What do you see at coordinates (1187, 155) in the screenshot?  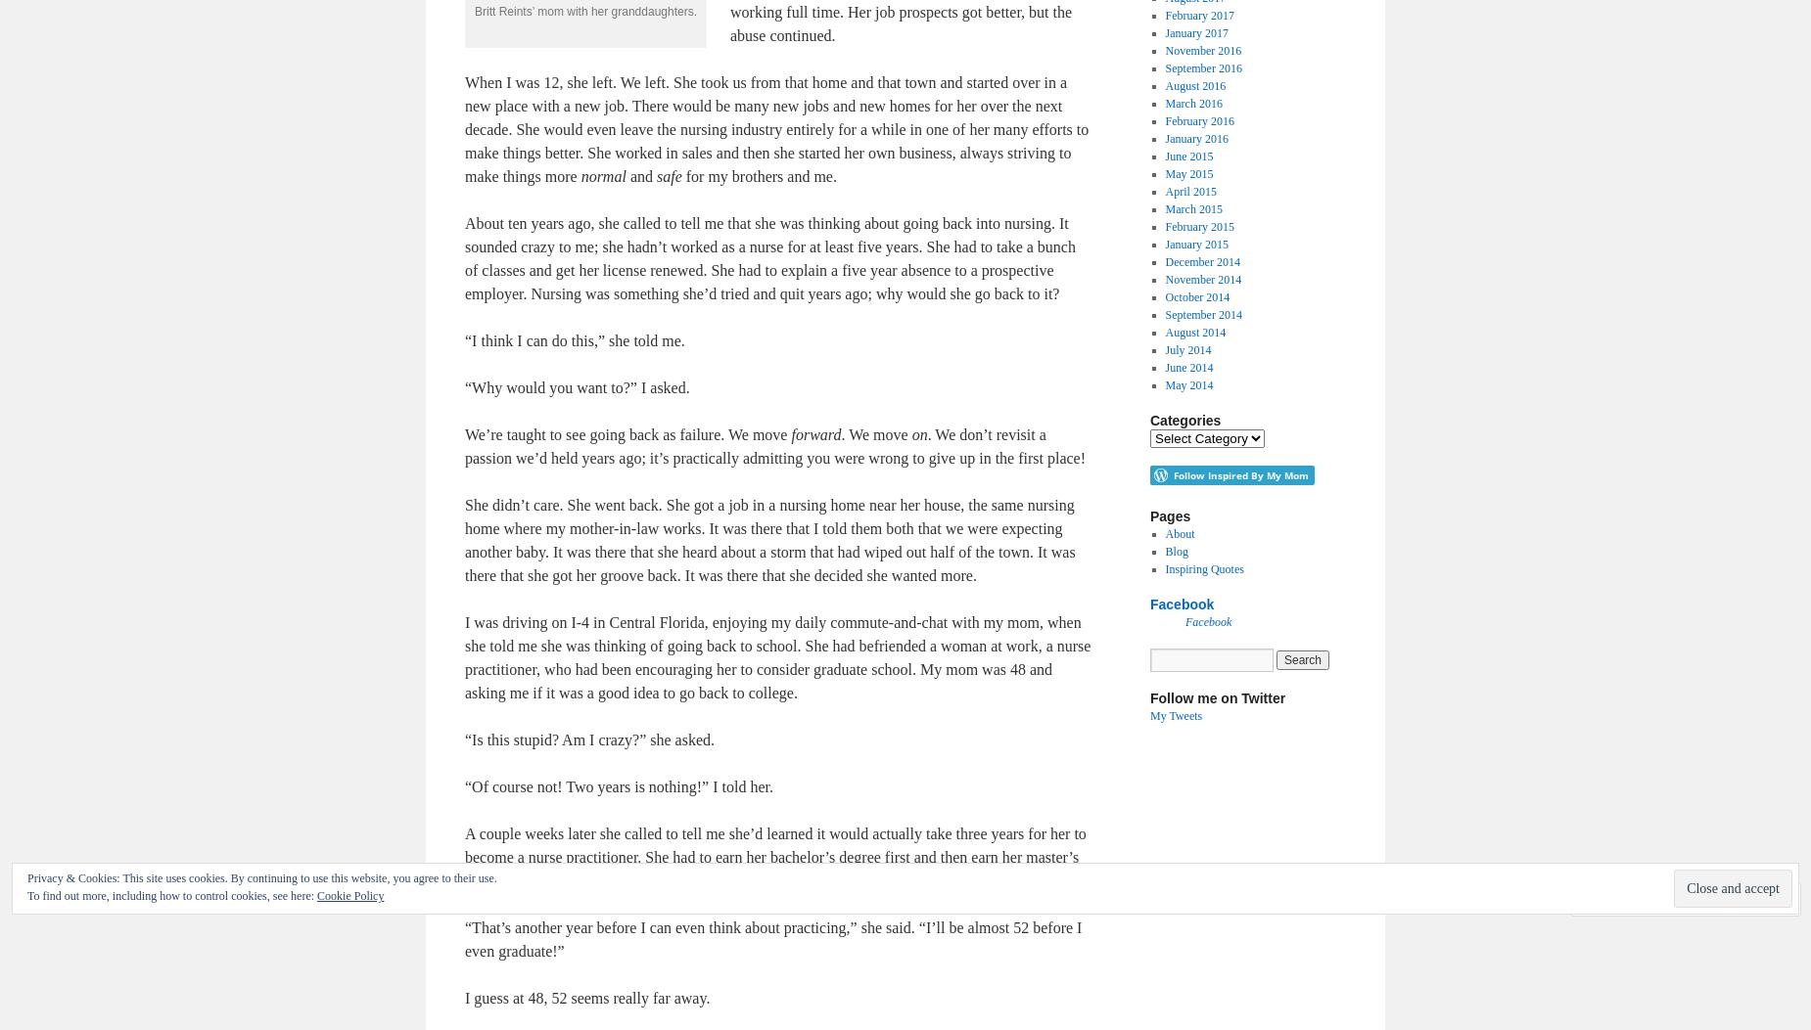 I see `'June 2015'` at bounding box center [1187, 155].